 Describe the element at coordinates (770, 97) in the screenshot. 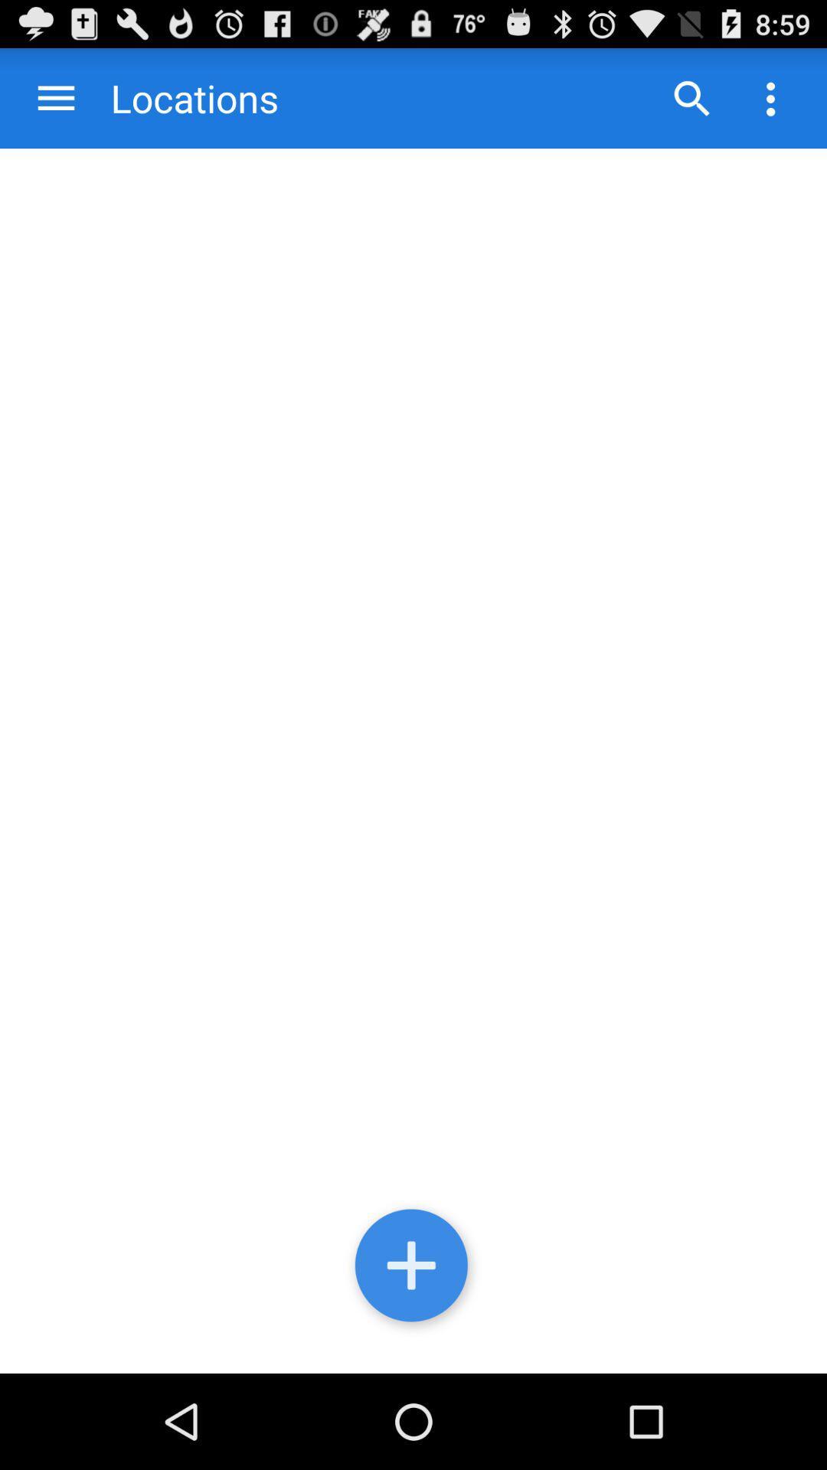

I see `application settings` at that location.